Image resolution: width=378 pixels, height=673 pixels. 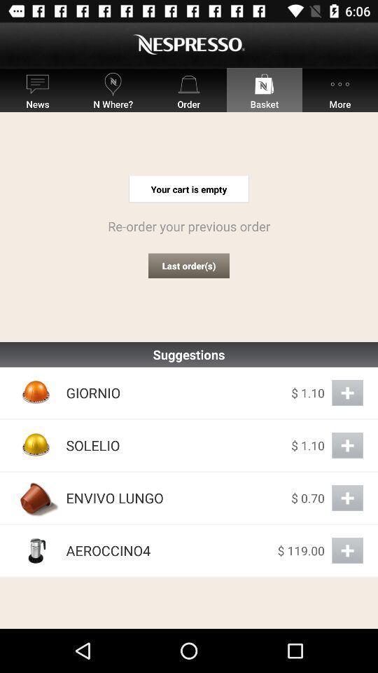 I want to click on grey color box with plus sign at bottom right corner, so click(x=346, y=550).